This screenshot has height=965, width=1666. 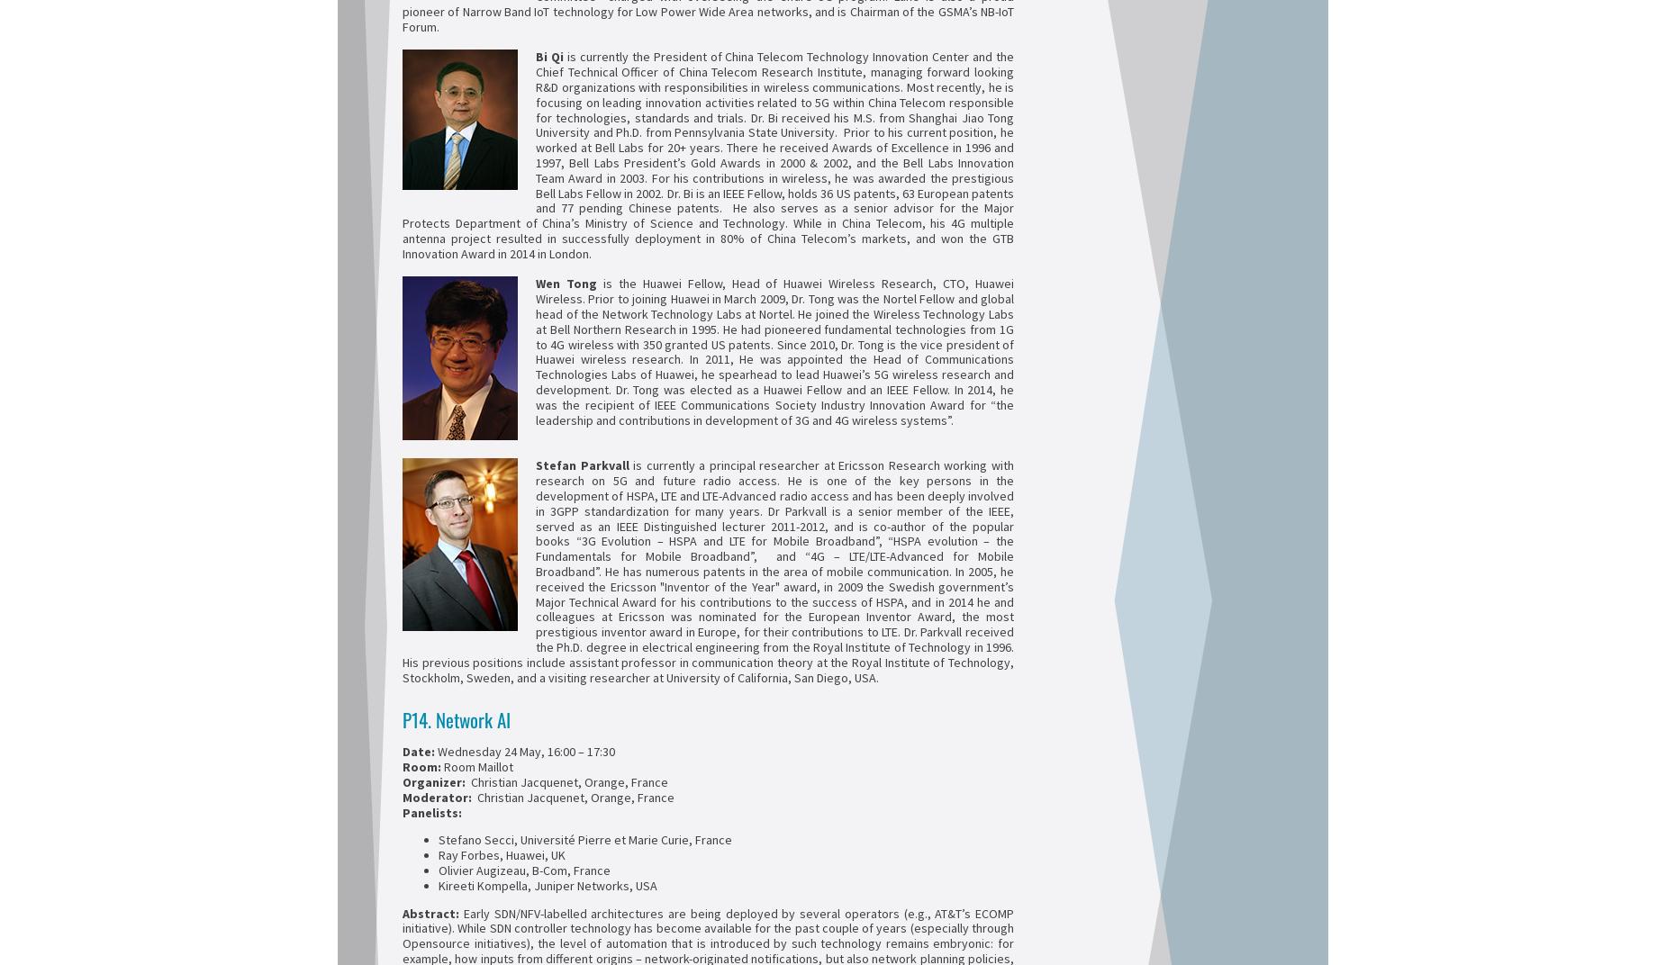 What do you see at coordinates (432, 811) in the screenshot?
I see `'Panelists:'` at bounding box center [432, 811].